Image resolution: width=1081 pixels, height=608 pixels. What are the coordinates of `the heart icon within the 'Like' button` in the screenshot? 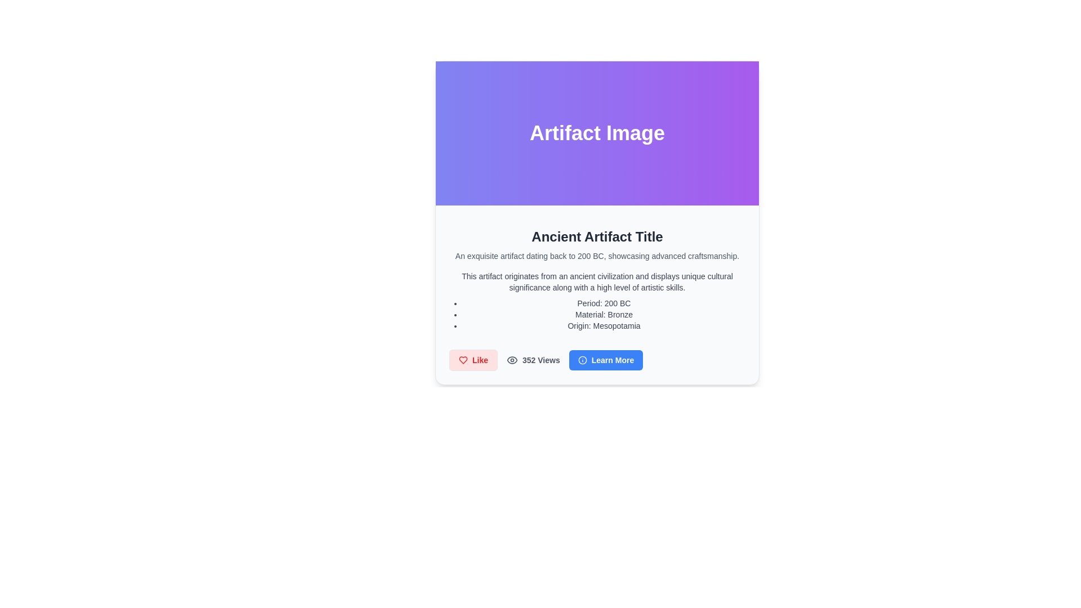 It's located at (463, 360).